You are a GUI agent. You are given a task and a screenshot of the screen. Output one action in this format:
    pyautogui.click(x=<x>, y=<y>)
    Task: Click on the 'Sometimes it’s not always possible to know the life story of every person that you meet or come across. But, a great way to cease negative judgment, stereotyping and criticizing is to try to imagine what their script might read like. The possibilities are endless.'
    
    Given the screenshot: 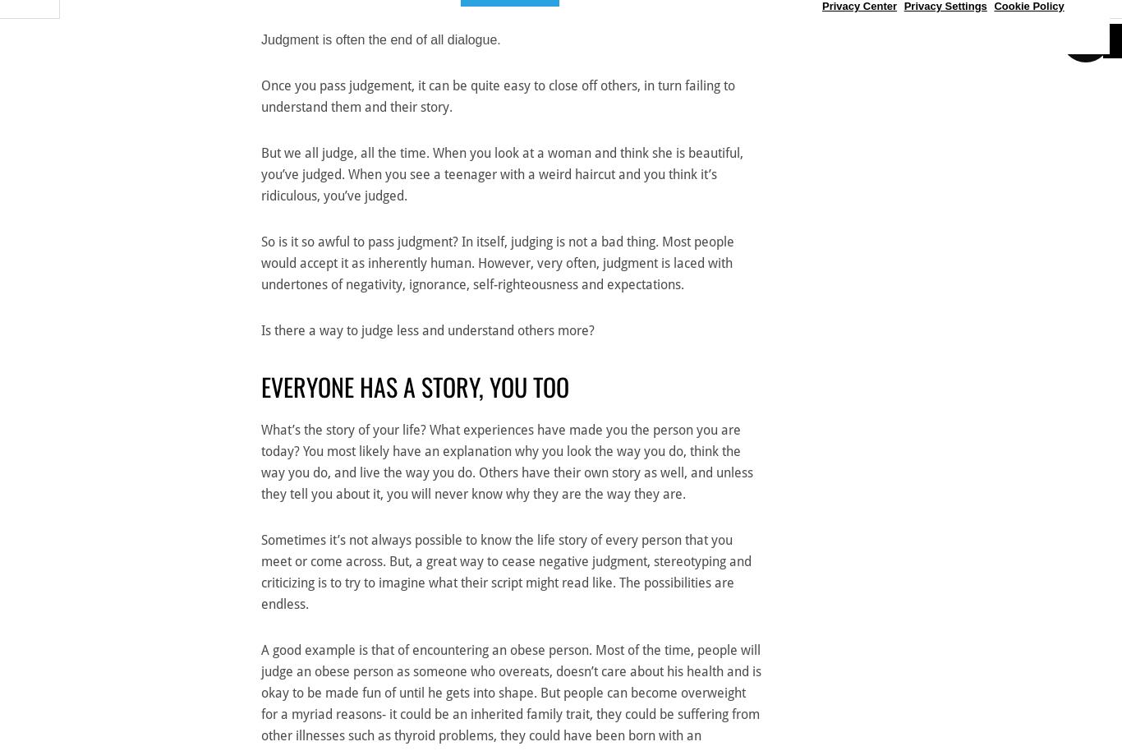 What is the action you would take?
    pyautogui.click(x=505, y=571)
    